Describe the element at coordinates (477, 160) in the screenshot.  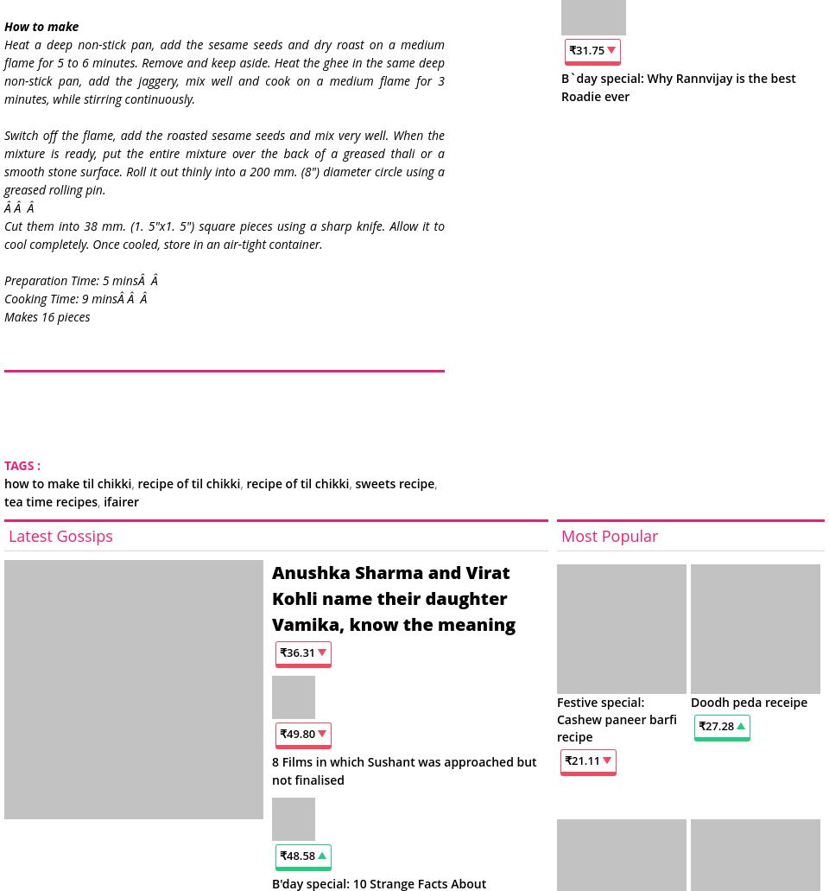
I see `'23.20'` at that location.